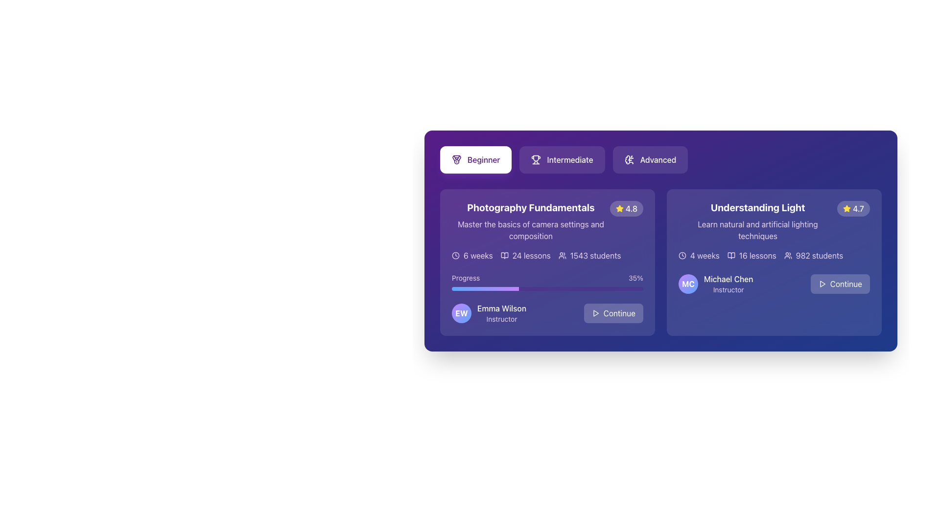 The image size is (940, 528). What do you see at coordinates (660, 159) in the screenshot?
I see `the 'Advanced' button located in the top section of the main panel` at bounding box center [660, 159].